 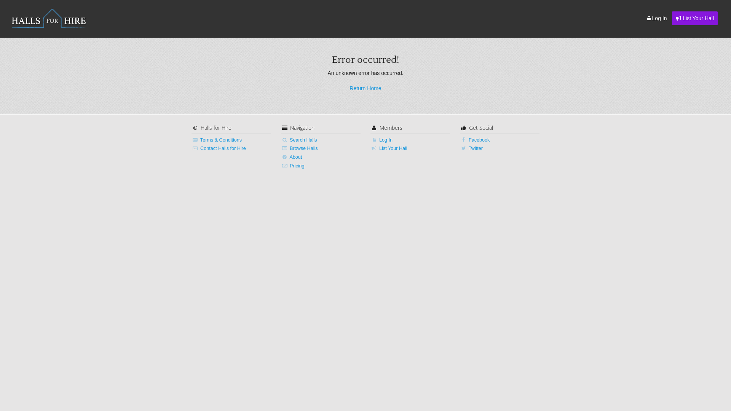 I want to click on 'Terms & Conditions', so click(x=231, y=140).